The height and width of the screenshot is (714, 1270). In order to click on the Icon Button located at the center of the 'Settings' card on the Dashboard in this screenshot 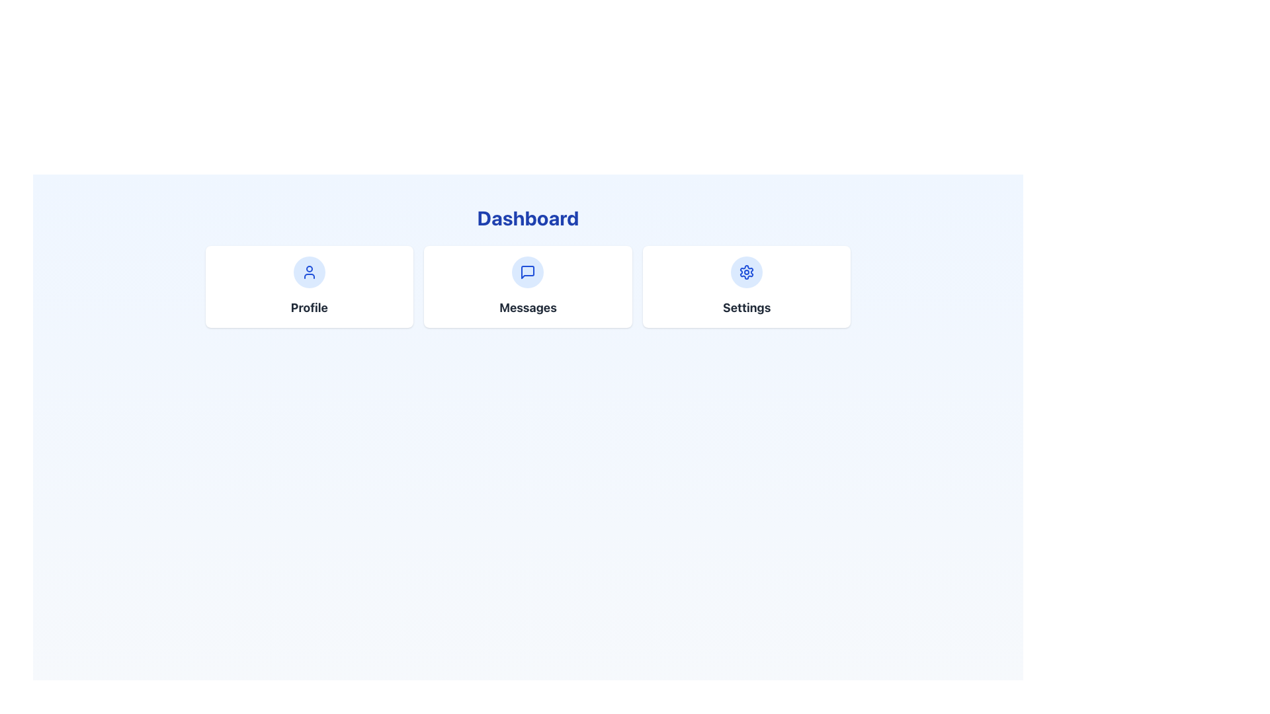, I will do `click(747, 272)`.